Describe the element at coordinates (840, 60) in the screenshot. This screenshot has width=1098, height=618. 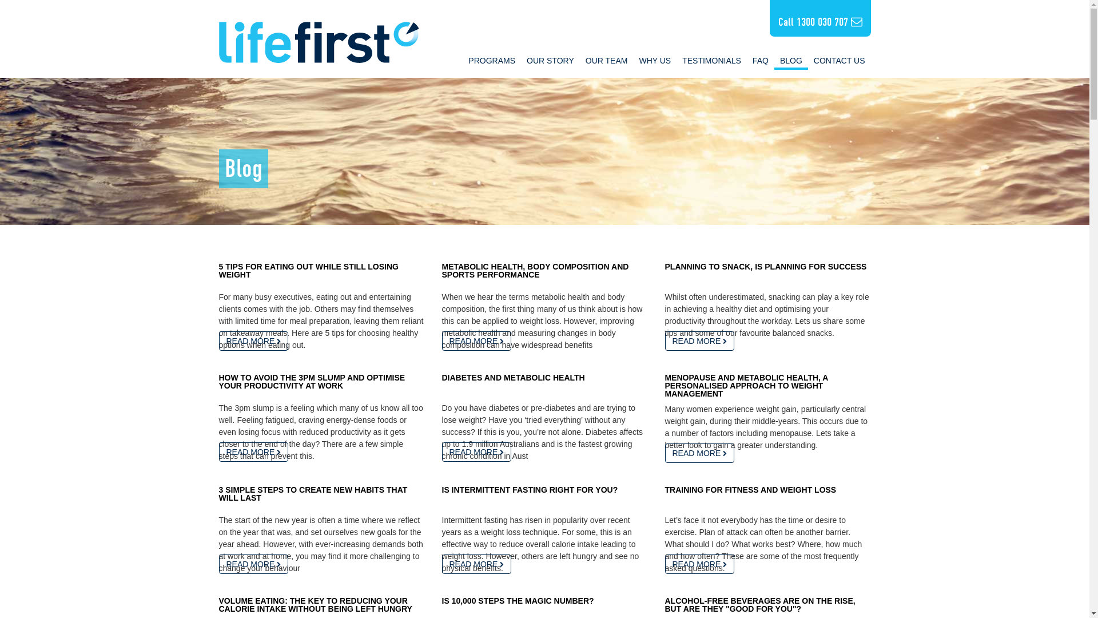
I see `'CONTACT US'` at that location.